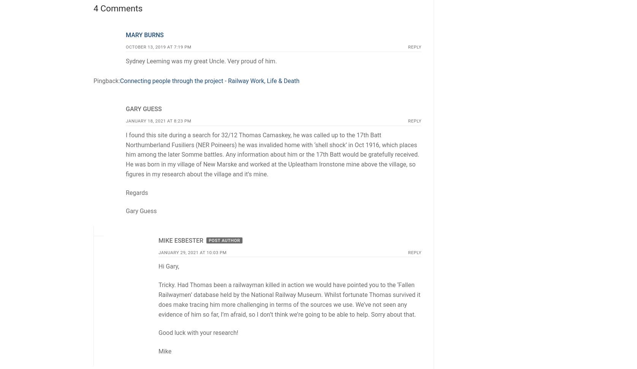  Describe the element at coordinates (158, 333) in the screenshot. I see `'Good luck with your research!'` at that location.